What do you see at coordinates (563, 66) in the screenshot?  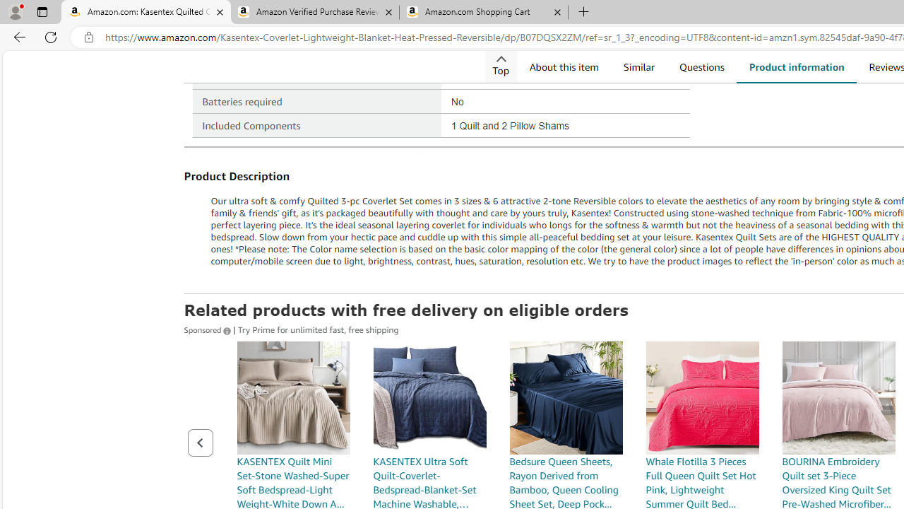 I see `'About this item'` at bounding box center [563, 66].